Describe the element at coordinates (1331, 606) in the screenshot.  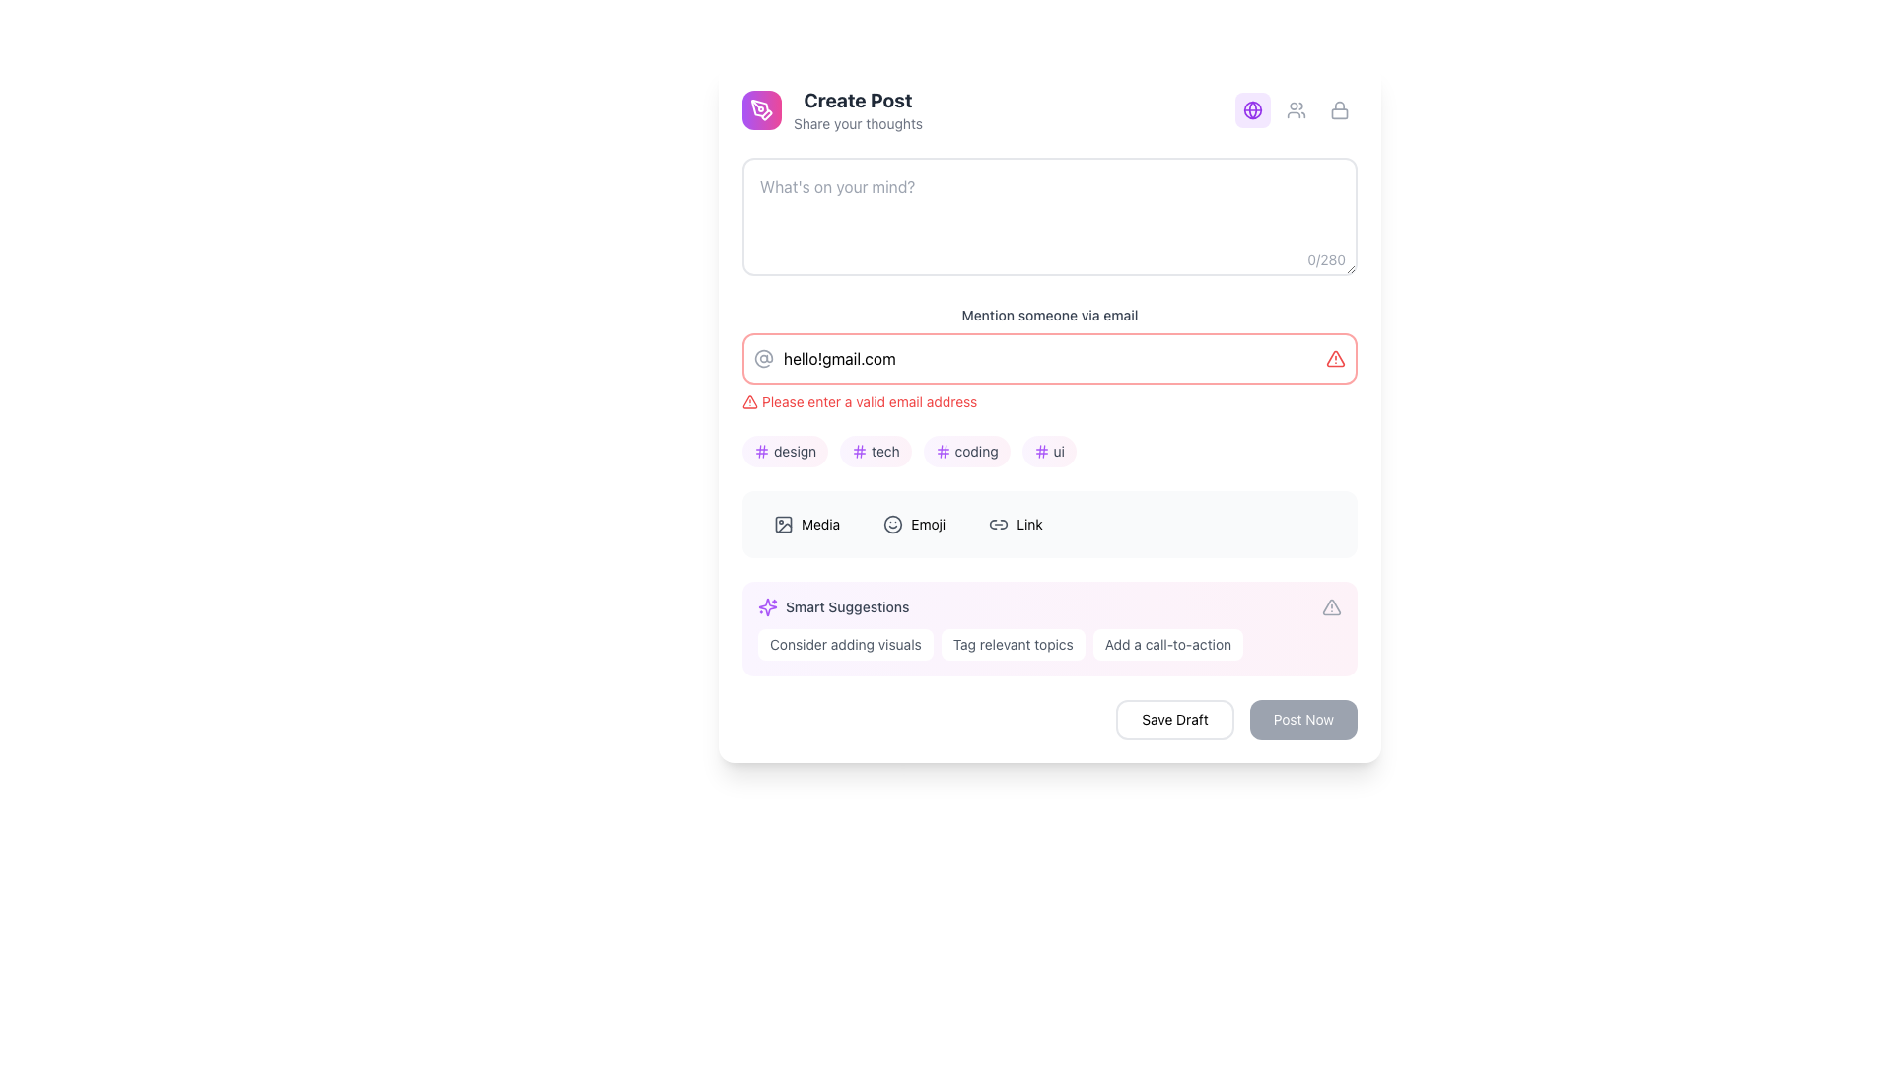
I see `the warning or alert icon located at the far right end of the 'Smart Suggestions' section` at that location.